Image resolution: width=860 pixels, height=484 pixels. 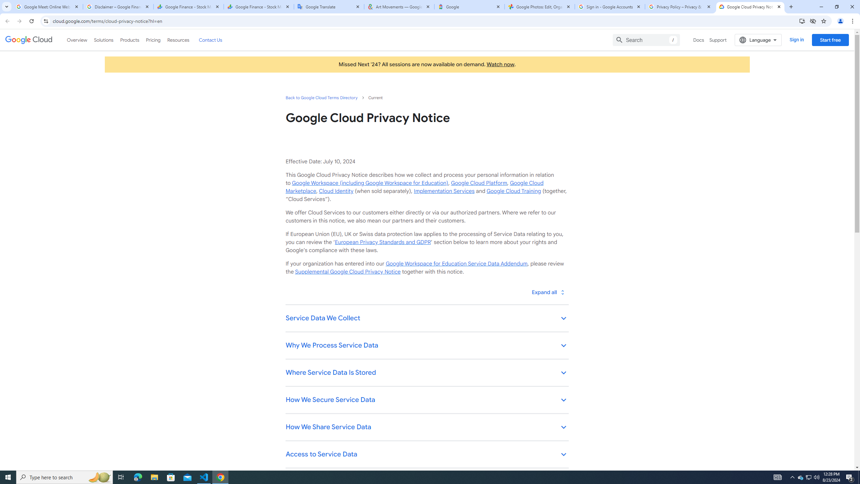 What do you see at coordinates (478, 183) in the screenshot?
I see `'Google Cloud Platform'` at bounding box center [478, 183].